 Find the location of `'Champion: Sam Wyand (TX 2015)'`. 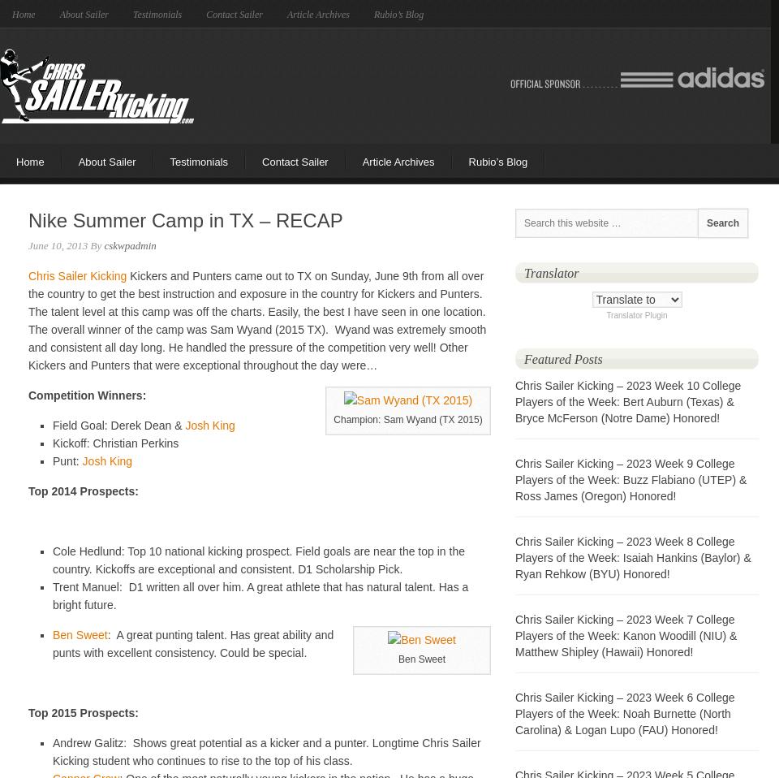

'Champion: Sam Wyand (TX 2015)' is located at coordinates (332, 419).